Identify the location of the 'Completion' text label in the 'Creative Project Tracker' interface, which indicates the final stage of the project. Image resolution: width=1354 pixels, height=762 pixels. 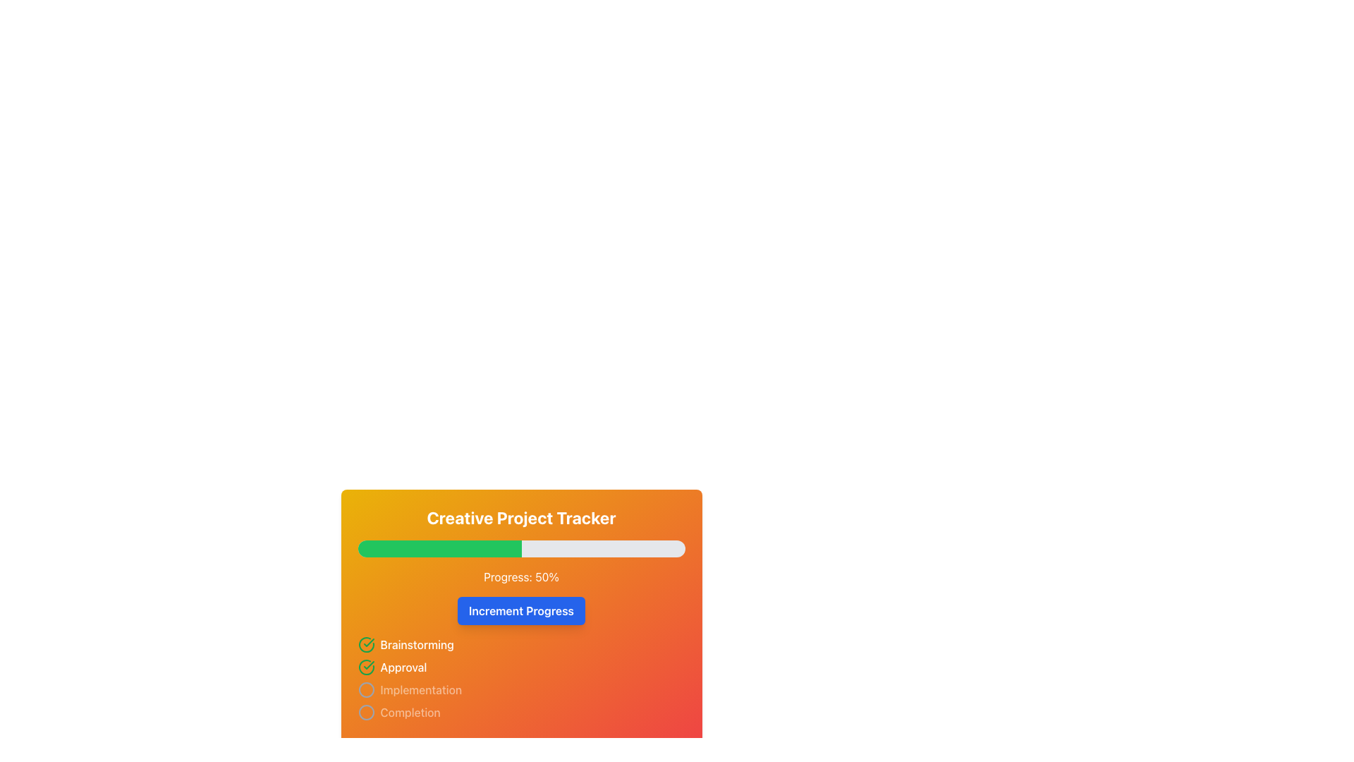
(410, 713).